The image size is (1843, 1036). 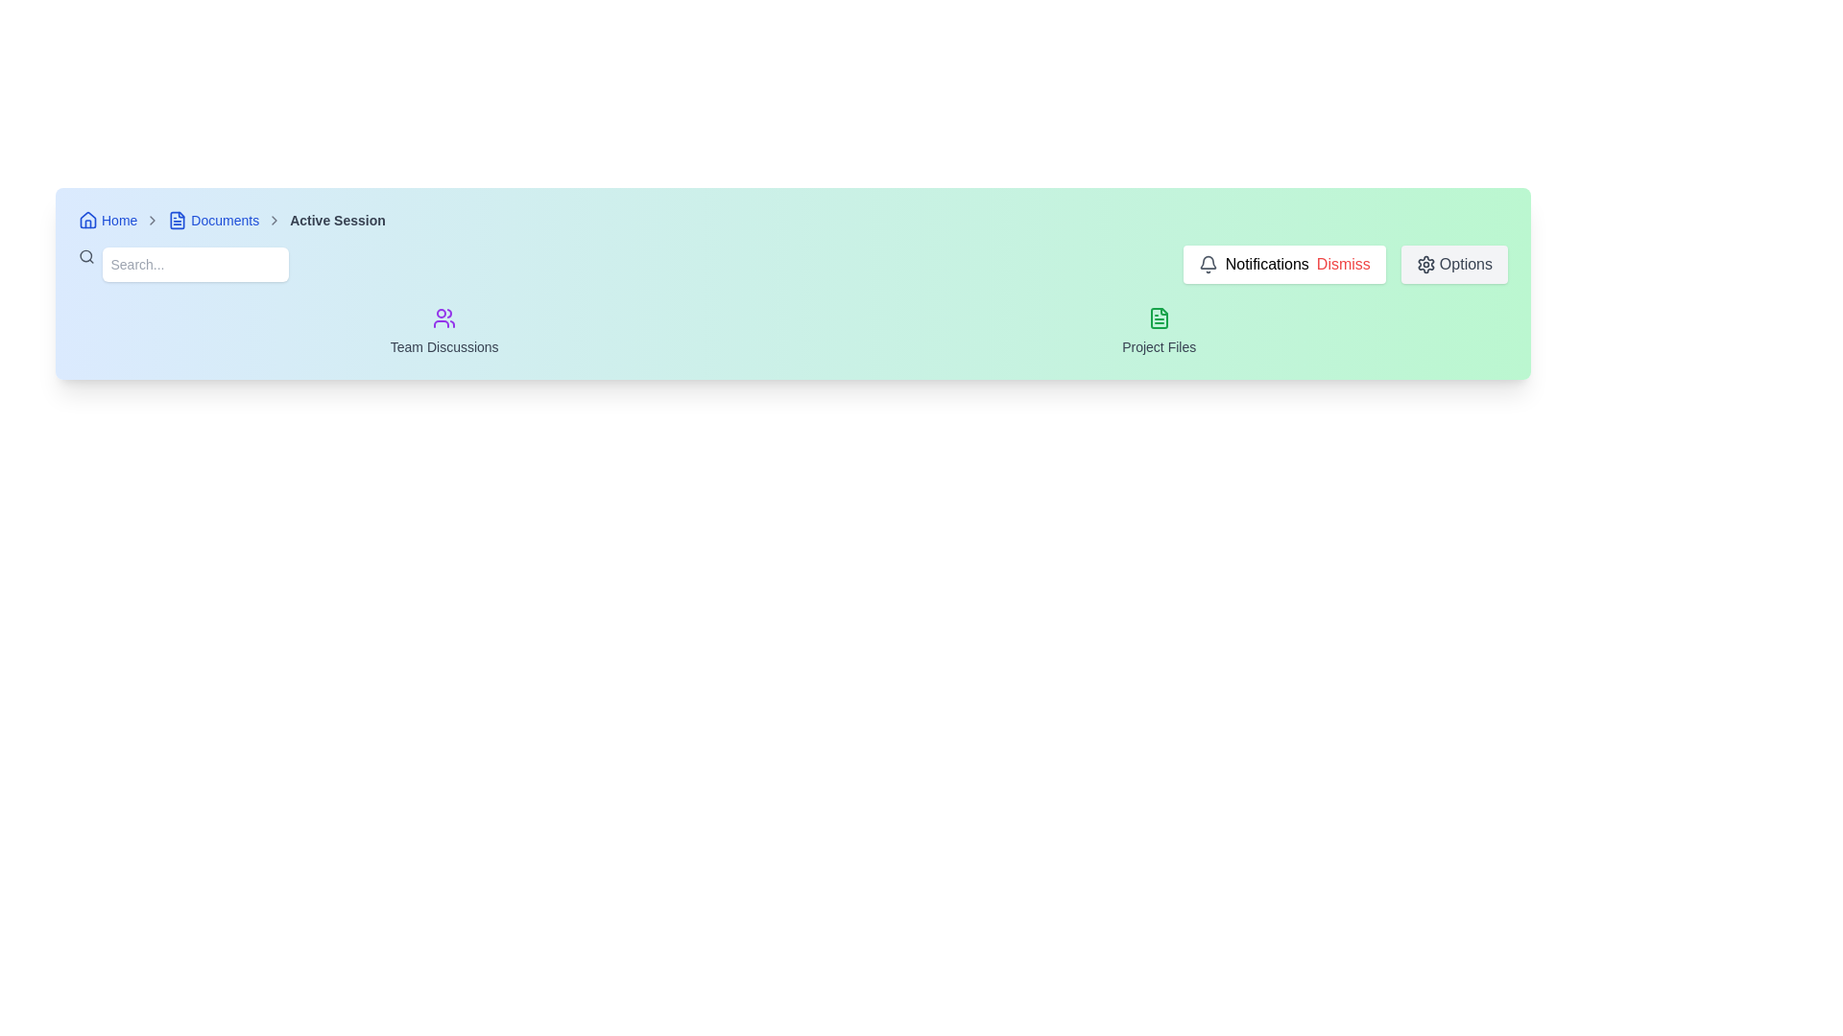 I want to click on the document file icon located in the breadcrumb menu, immediately to the left of the 'Documents' text link, so click(x=178, y=220).